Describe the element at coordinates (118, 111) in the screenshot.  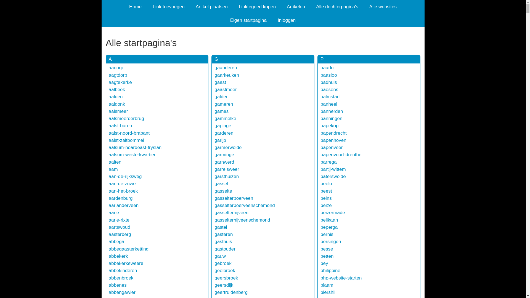
I see `'aalsmeer'` at that location.